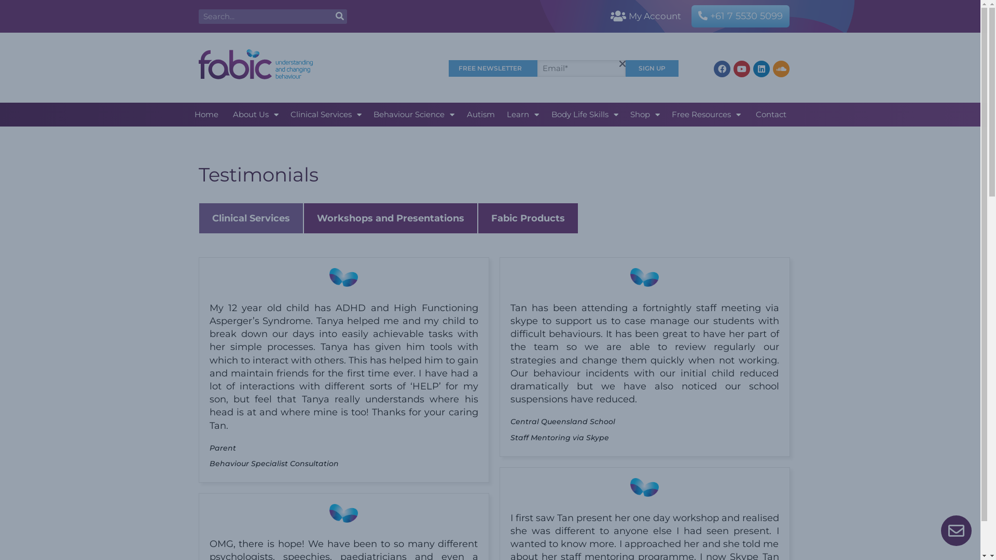 The width and height of the screenshot is (996, 560). Describe the element at coordinates (208, 114) in the screenshot. I see `'Home'` at that location.